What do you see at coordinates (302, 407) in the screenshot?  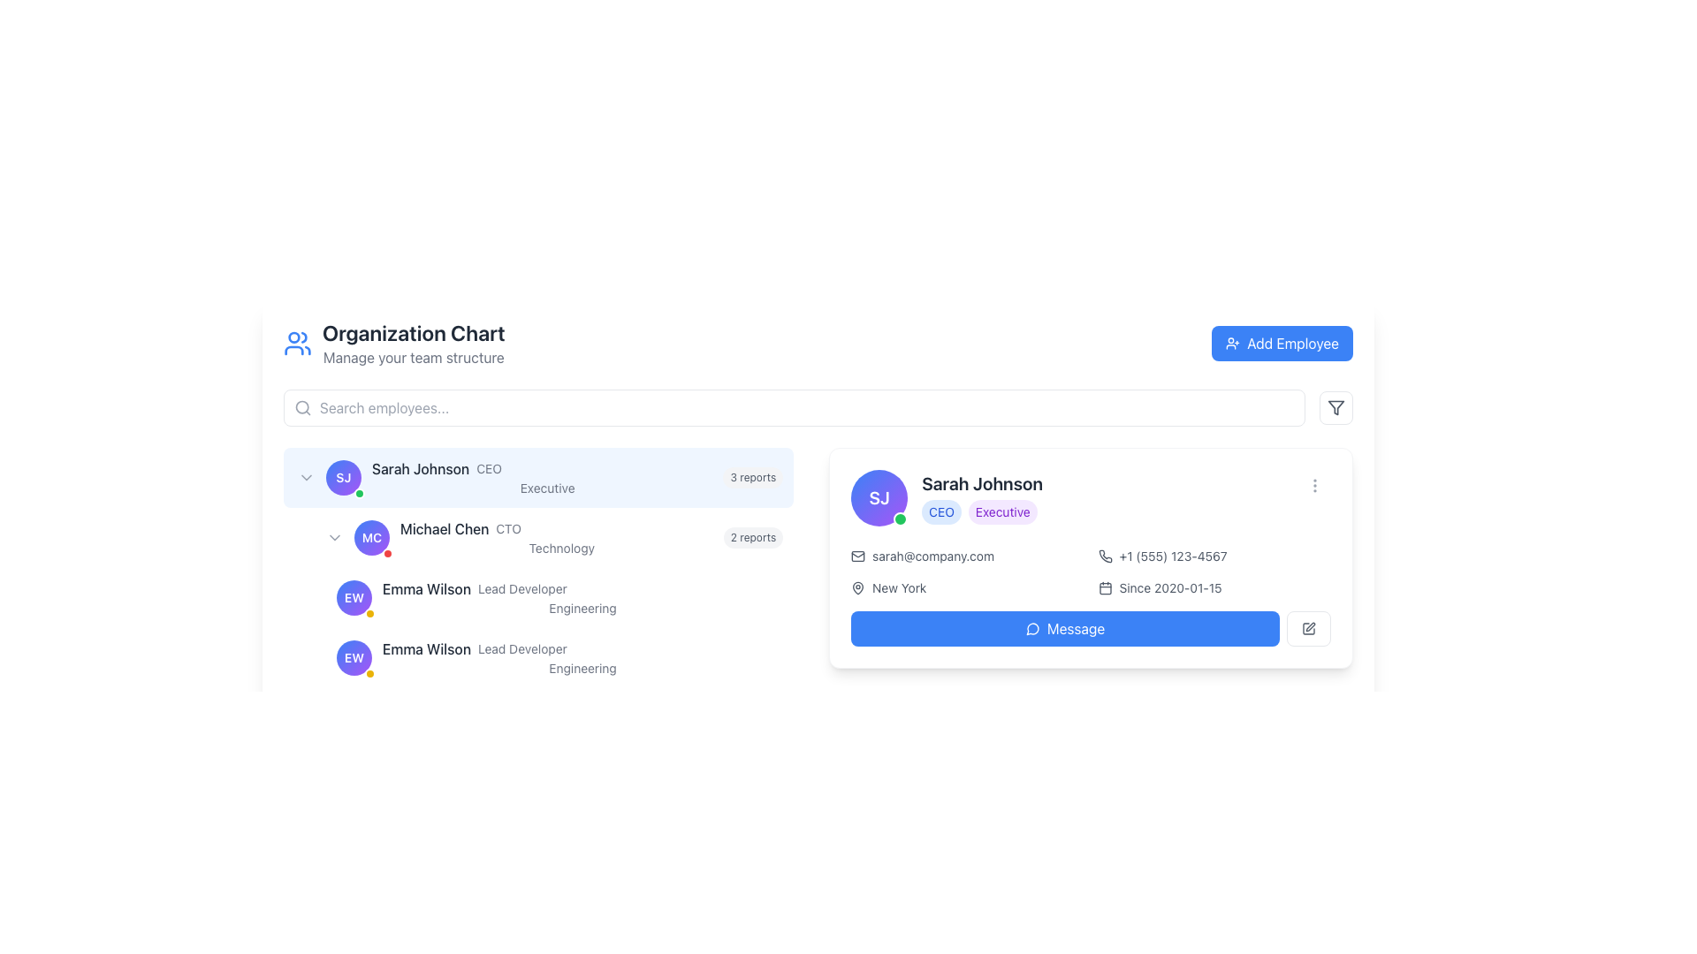 I see `the circular SVG element that is part of the search icon located near the upper left of the interface` at bounding box center [302, 407].